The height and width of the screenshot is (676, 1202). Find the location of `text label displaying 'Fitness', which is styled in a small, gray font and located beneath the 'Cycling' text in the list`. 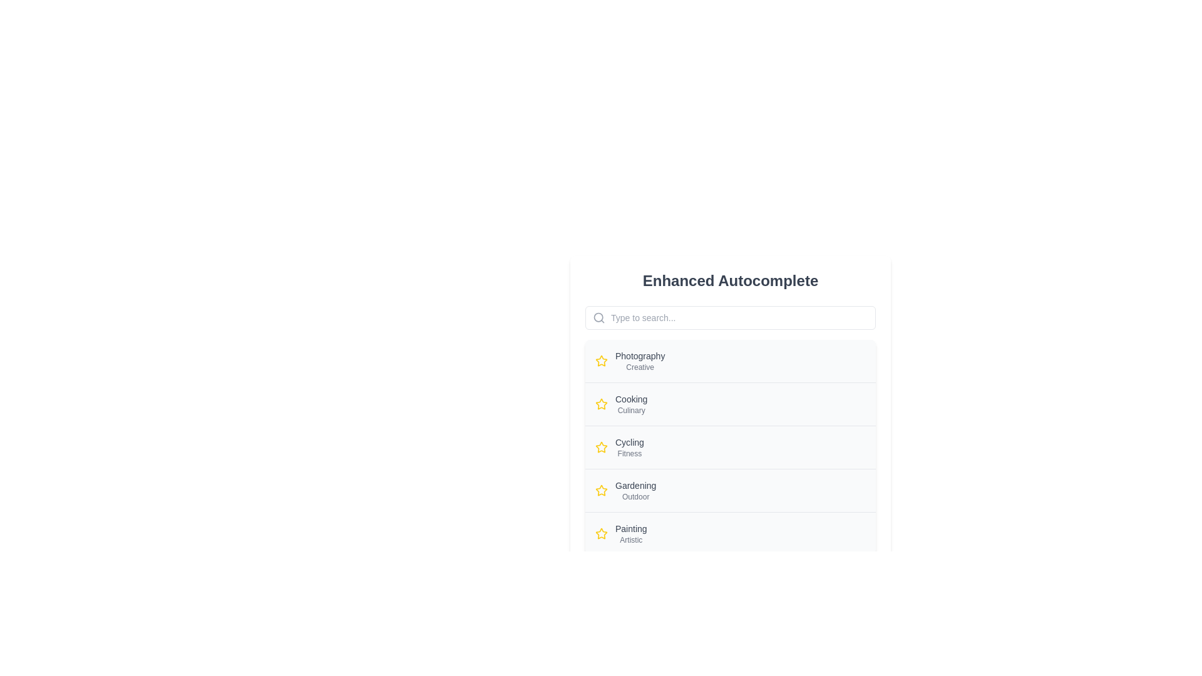

text label displaying 'Fitness', which is styled in a small, gray font and located beneath the 'Cycling' text in the list is located at coordinates (629, 454).